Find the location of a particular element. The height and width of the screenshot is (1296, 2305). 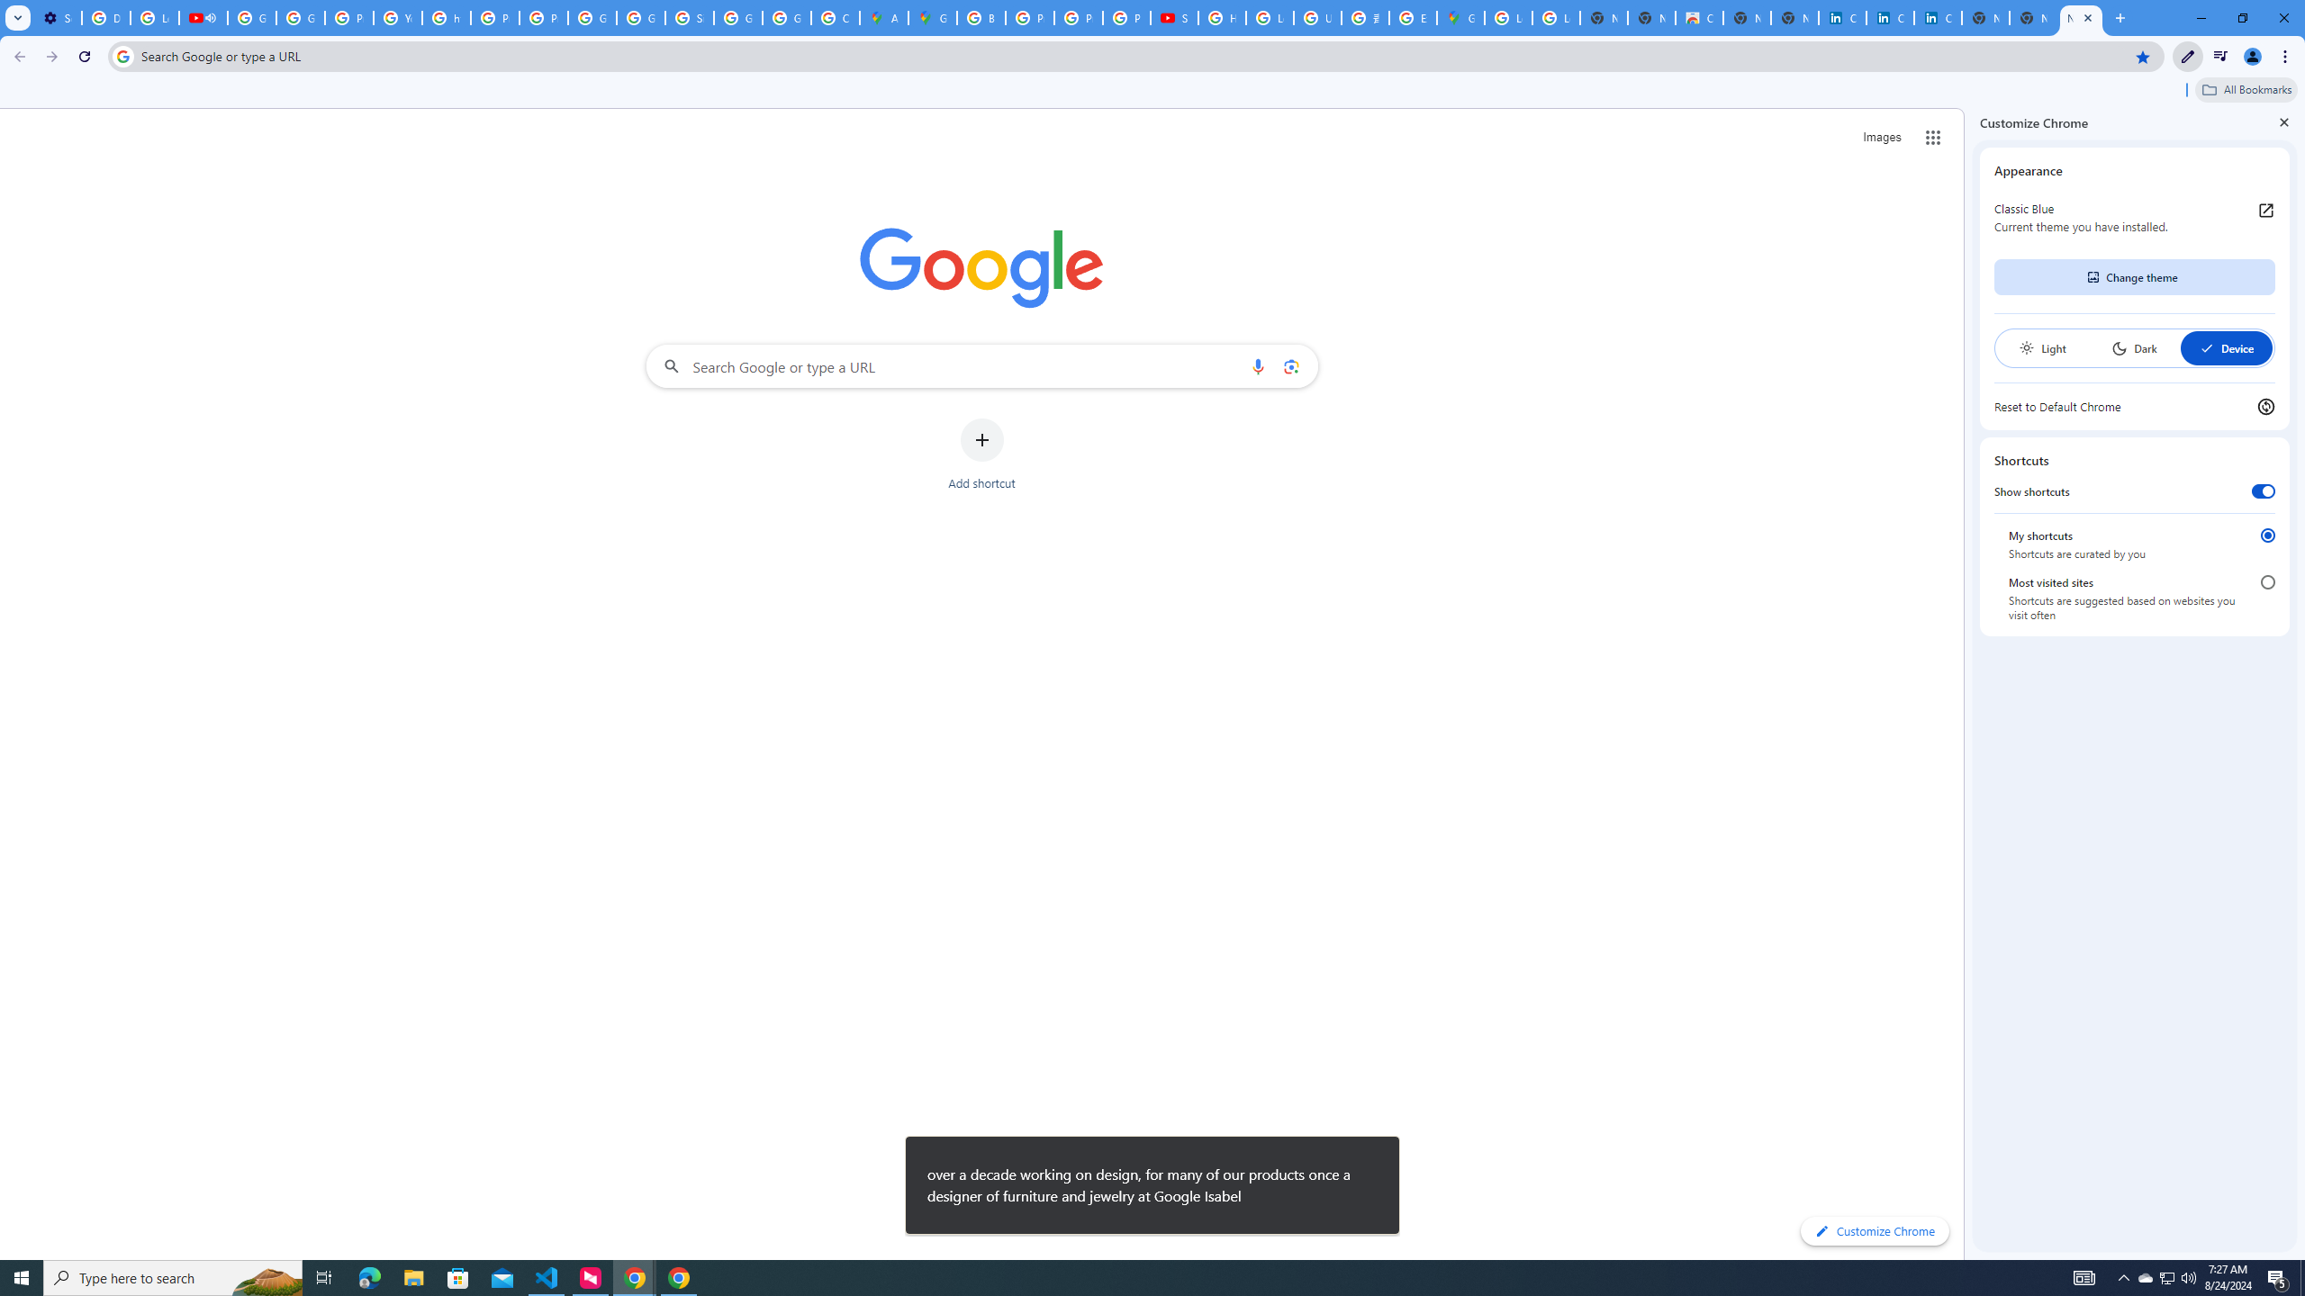

'Explore new street-level details - Google Maps Help' is located at coordinates (1413, 17).